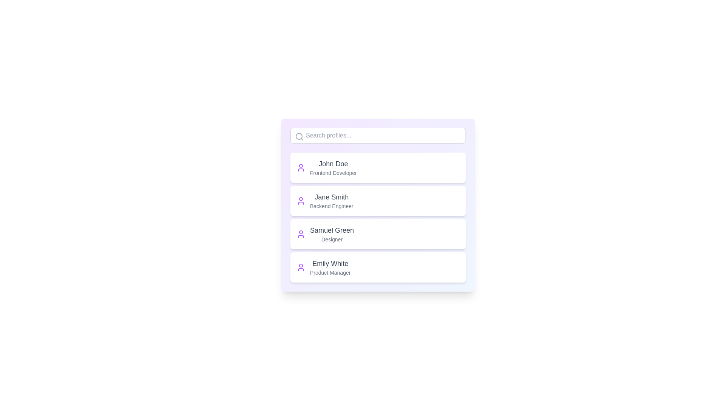  What do you see at coordinates (378, 267) in the screenshot?
I see `to select the profile entry for Emily White, a Product Manager, located at the bottom of the vertical list of profiles` at bounding box center [378, 267].